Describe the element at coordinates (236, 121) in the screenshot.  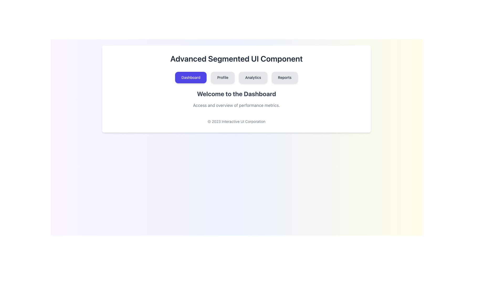
I see `the footer text label that provides legal or informational context about the application, positioned immediately below the 'Access and overview of performance metrics.'` at that location.